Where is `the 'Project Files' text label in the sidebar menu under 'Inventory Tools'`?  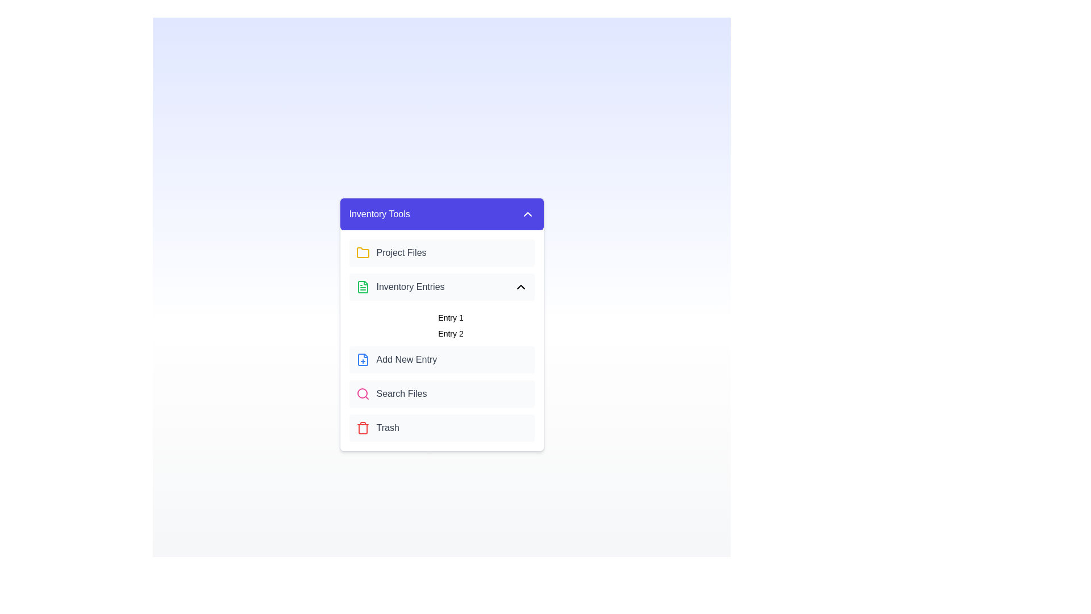 the 'Project Files' text label in the sidebar menu under 'Inventory Tools' is located at coordinates (401, 252).